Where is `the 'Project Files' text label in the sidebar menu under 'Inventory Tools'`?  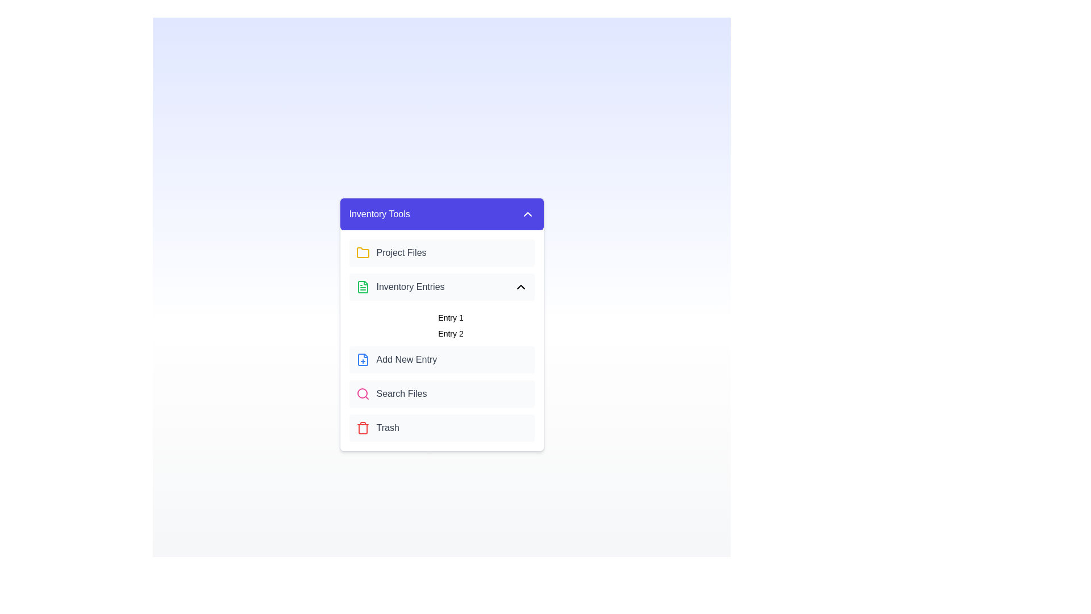 the 'Project Files' text label in the sidebar menu under 'Inventory Tools' is located at coordinates (401, 252).